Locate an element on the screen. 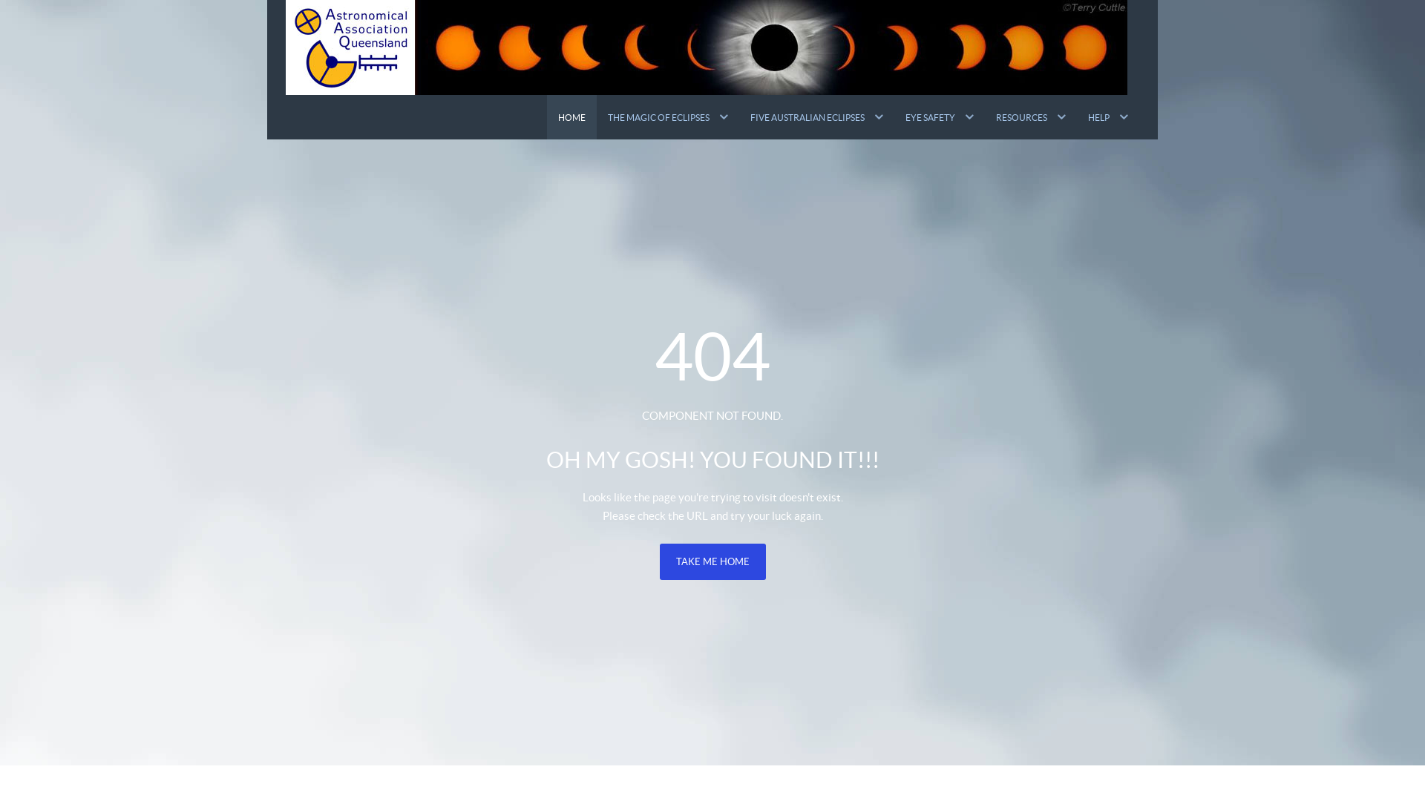 This screenshot has height=801, width=1425. 'HOME' is located at coordinates (571, 116).